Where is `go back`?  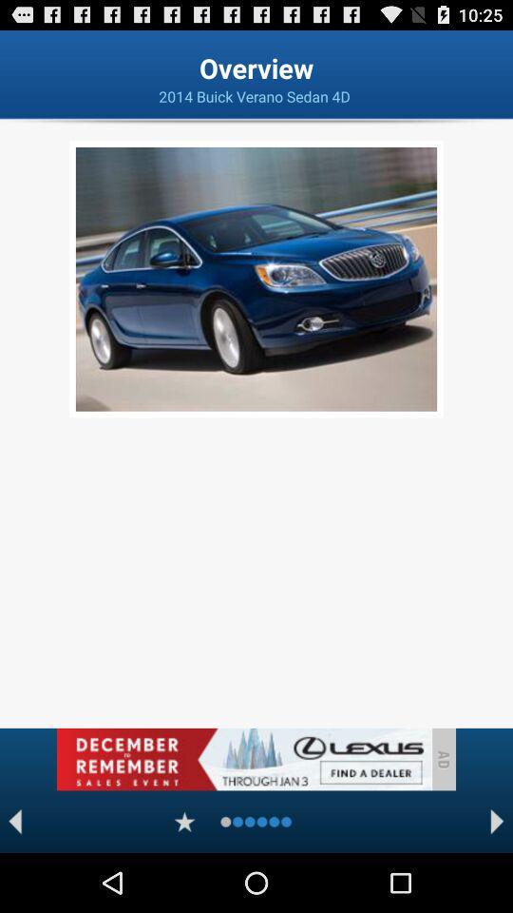 go back is located at coordinates (14, 821).